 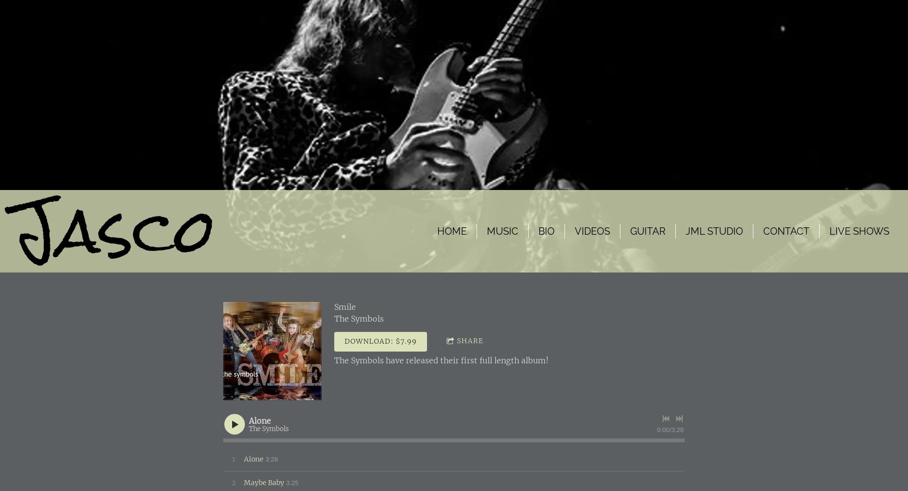 What do you see at coordinates (786, 231) in the screenshot?
I see `'Contact'` at bounding box center [786, 231].